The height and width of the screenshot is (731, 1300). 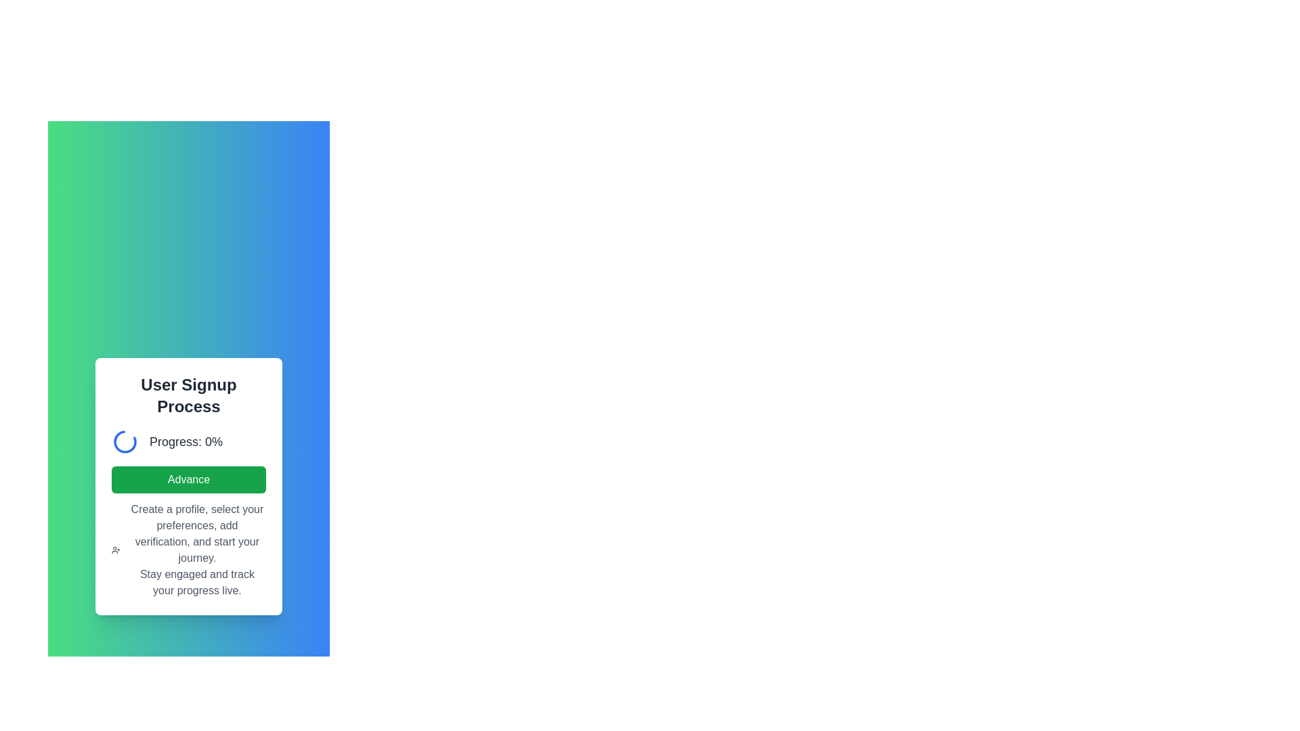 What do you see at coordinates (185, 441) in the screenshot?
I see `the static text displaying 'Progress: 0%' which is styled in bold gray font, located to the right of a spinning circle icon` at bounding box center [185, 441].